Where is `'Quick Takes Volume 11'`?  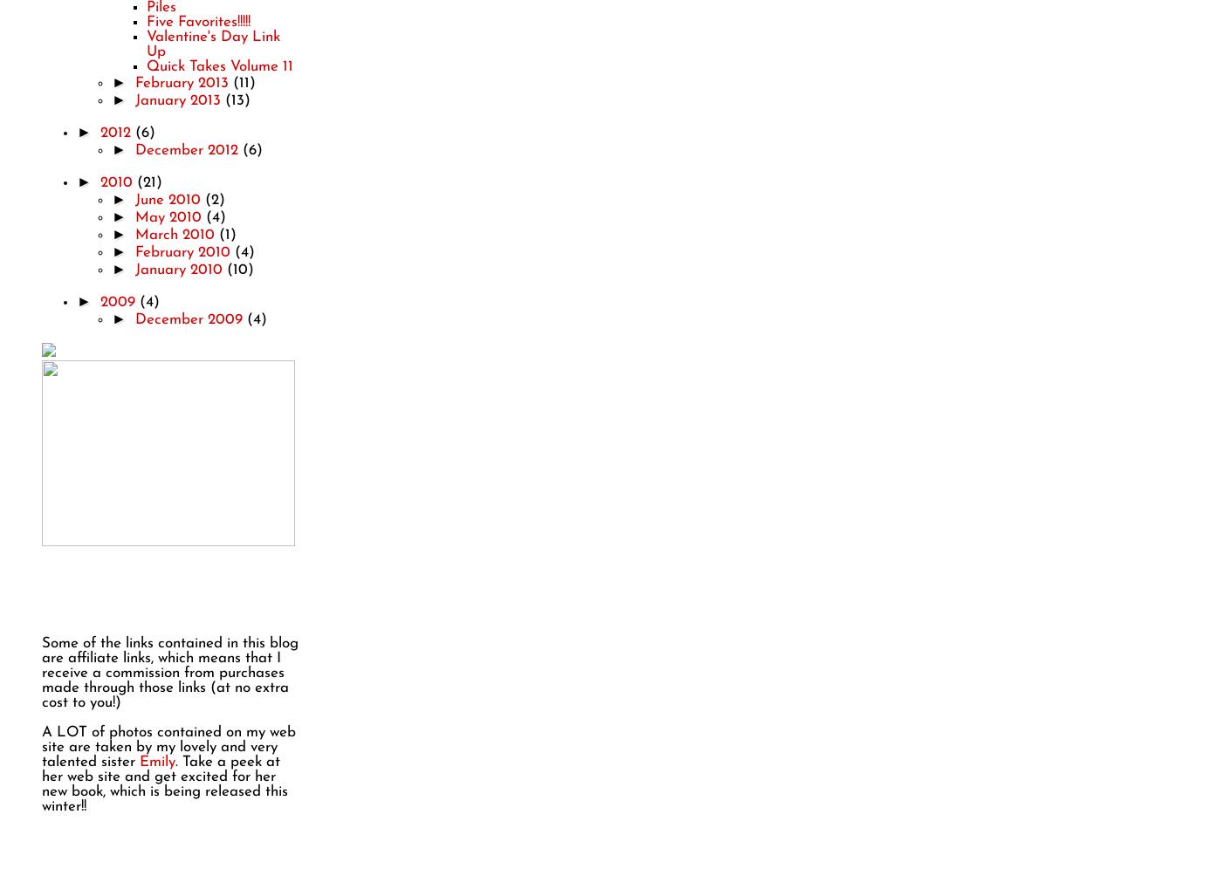 'Quick Takes Volume 11' is located at coordinates (219, 65).